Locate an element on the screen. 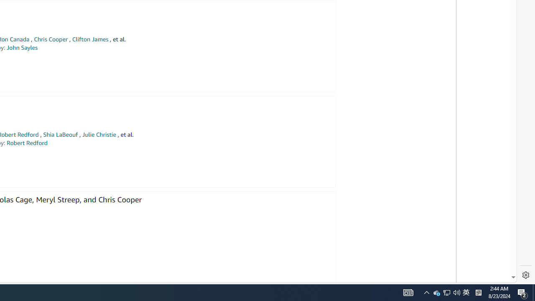  'John Sayles' is located at coordinates (22, 48).